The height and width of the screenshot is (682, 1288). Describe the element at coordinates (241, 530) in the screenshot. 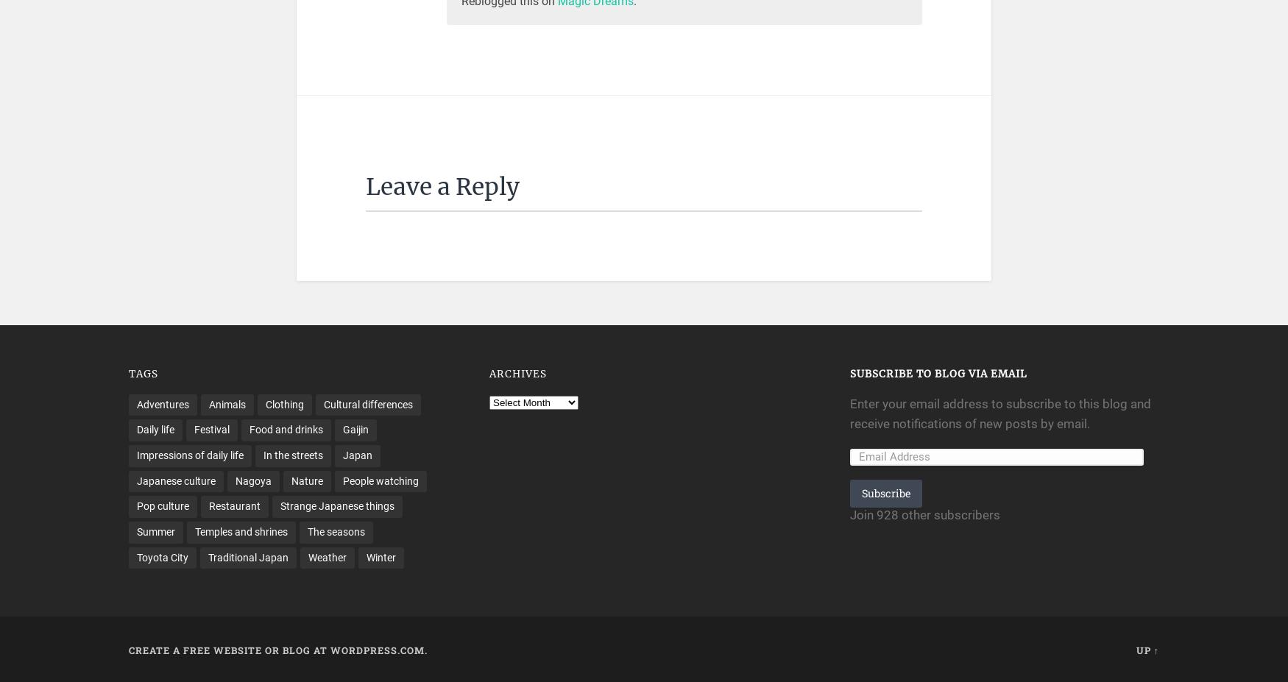

I see `'Temples and shrines'` at that location.